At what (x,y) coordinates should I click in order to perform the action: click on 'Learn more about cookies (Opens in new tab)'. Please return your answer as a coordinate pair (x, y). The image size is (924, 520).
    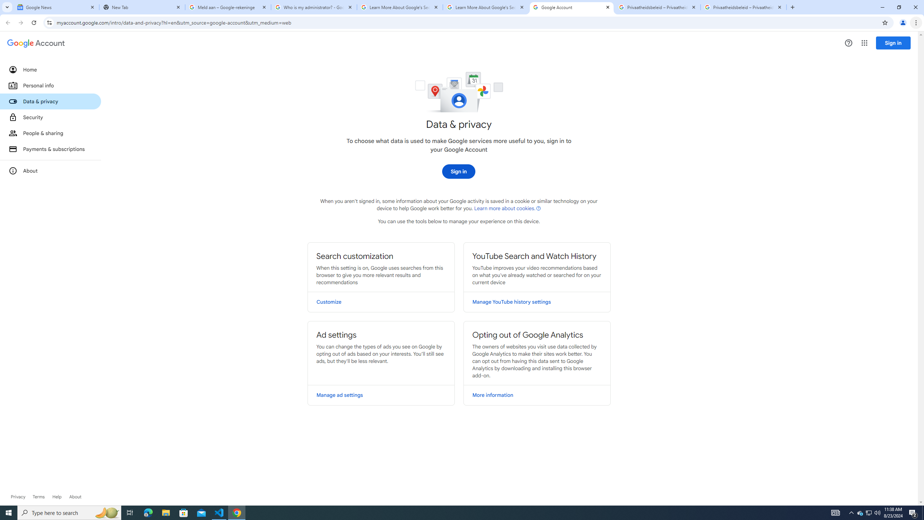
    Looking at the image, I should click on (507, 208).